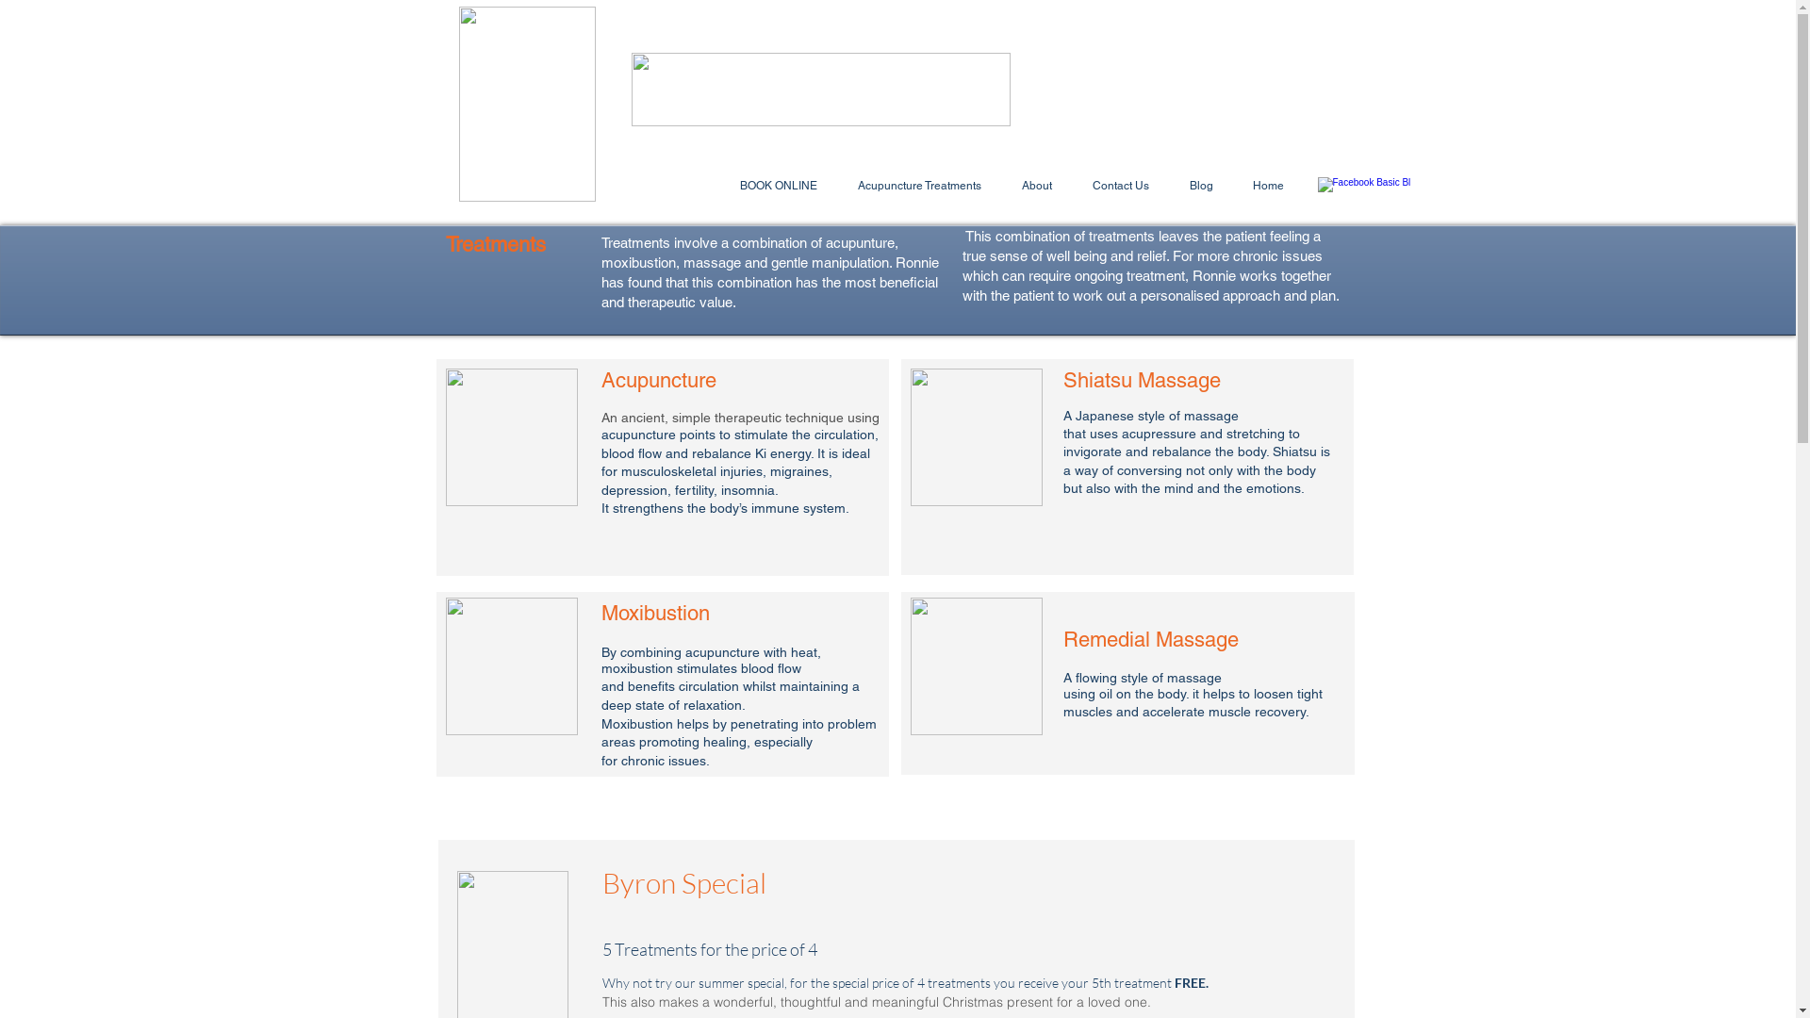 This screenshot has width=1810, height=1018. What do you see at coordinates (1199, 186) in the screenshot?
I see `'Blog'` at bounding box center [1199, 186].